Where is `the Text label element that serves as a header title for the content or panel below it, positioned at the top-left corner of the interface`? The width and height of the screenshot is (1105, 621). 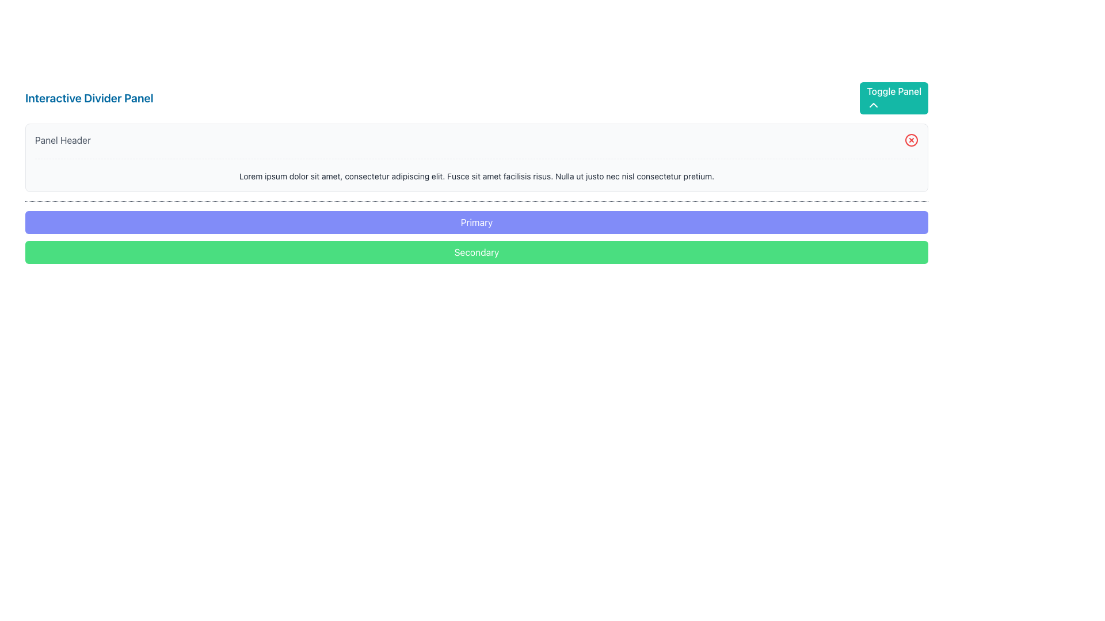 the Text label element that serves as a header title for the content or panel below it, positioned at the top-left corner of the interface is located at coordinates (89, 97).